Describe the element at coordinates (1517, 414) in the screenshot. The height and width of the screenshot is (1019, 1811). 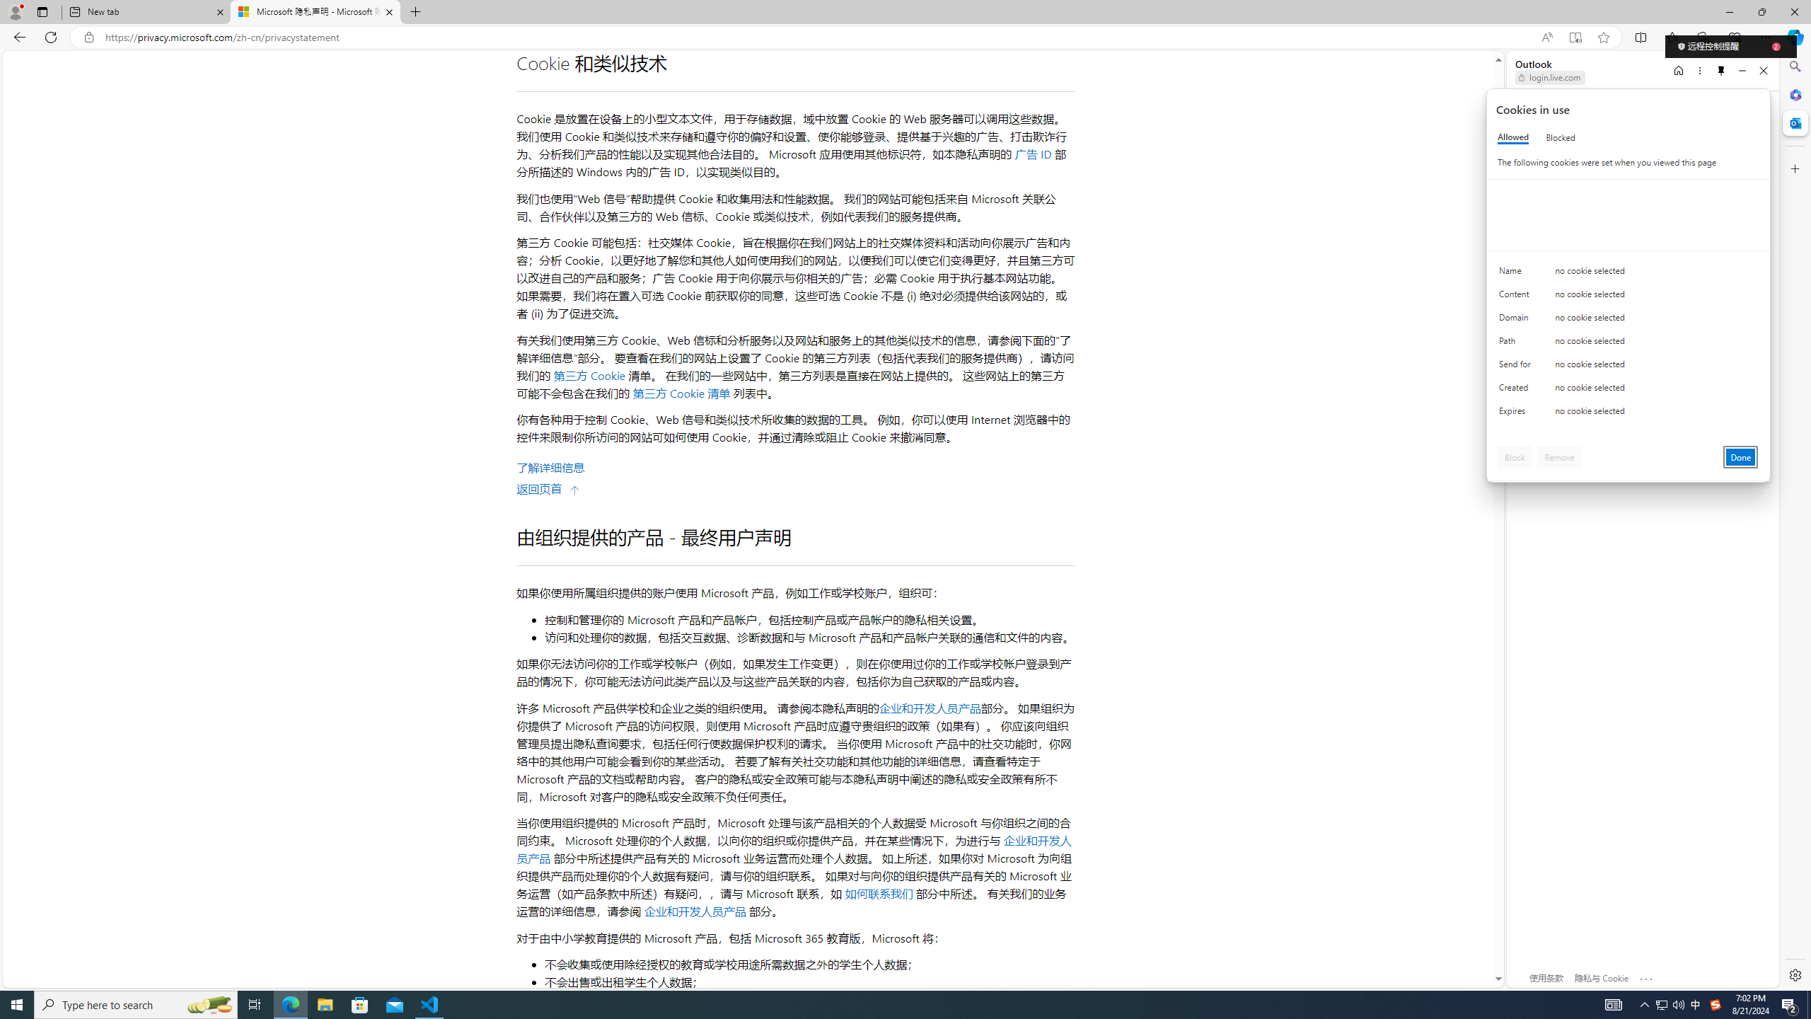
I see `'Expires'` at that location.